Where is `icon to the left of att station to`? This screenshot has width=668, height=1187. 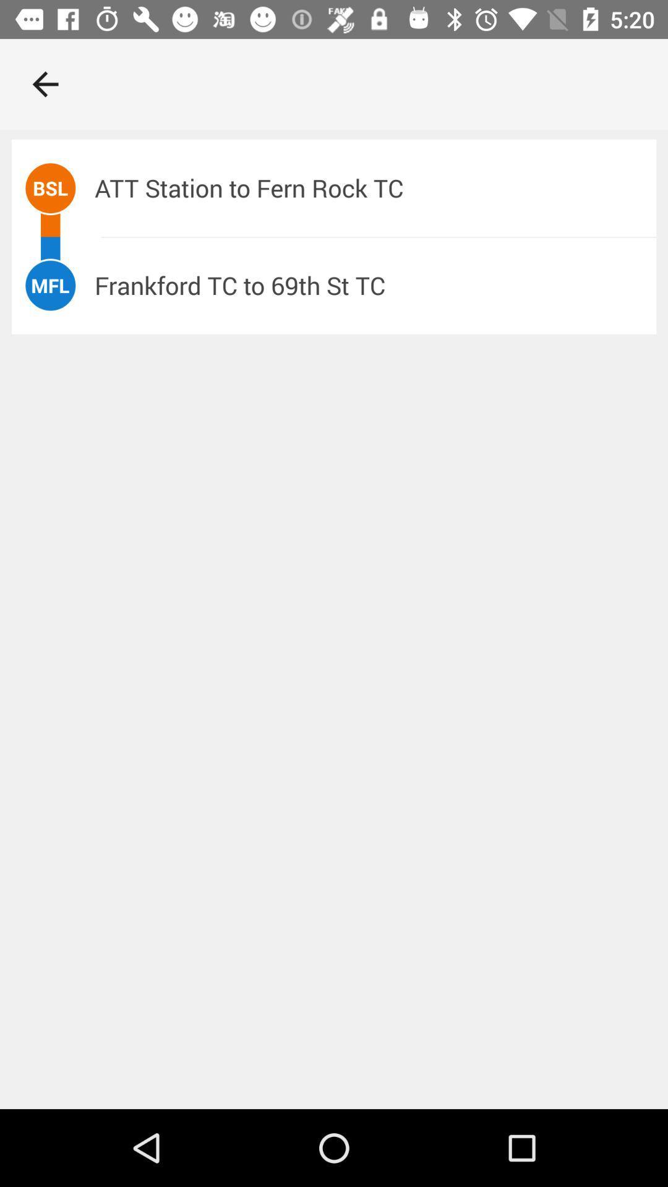
icon to the left of att station to is located at coordinates (49, 187).